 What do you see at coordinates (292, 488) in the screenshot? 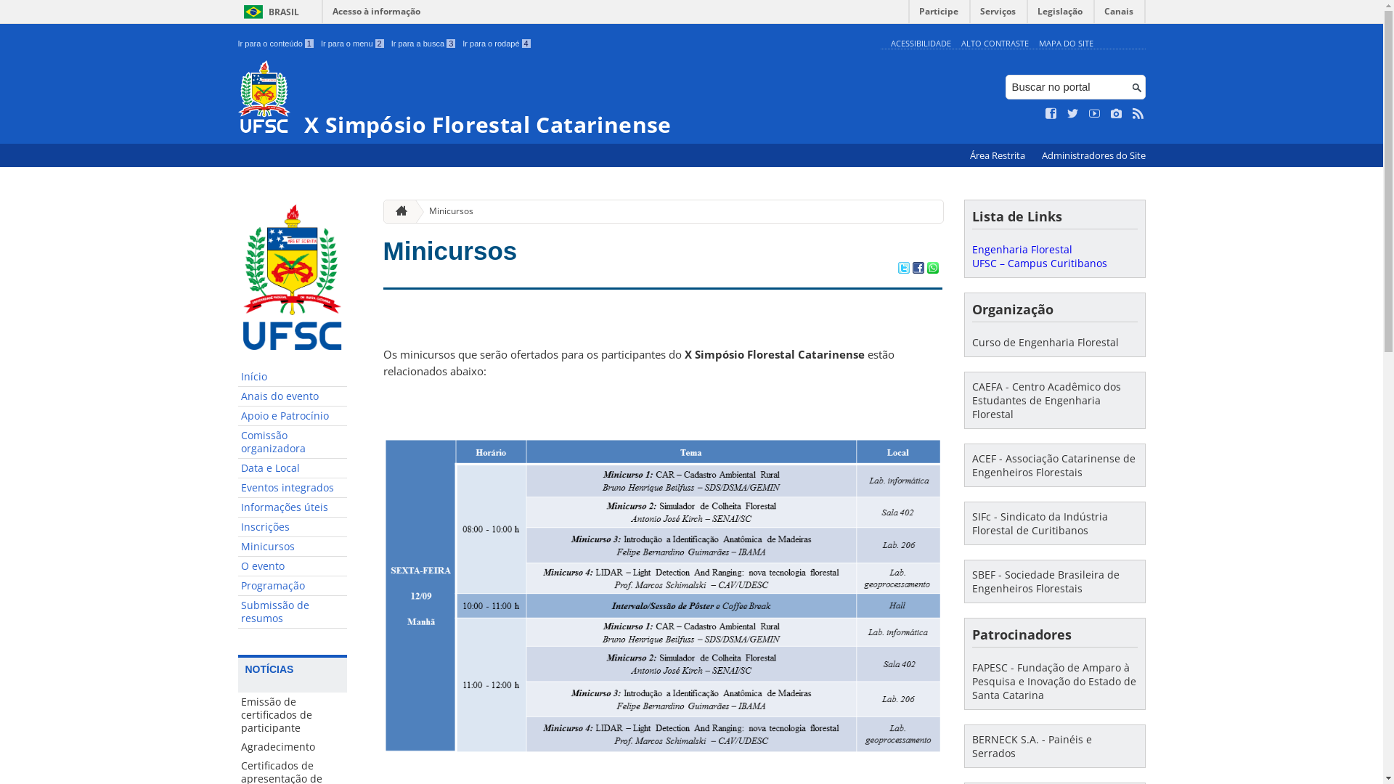
I see `'Eventos integrados'` at bounding box center [292, 488].